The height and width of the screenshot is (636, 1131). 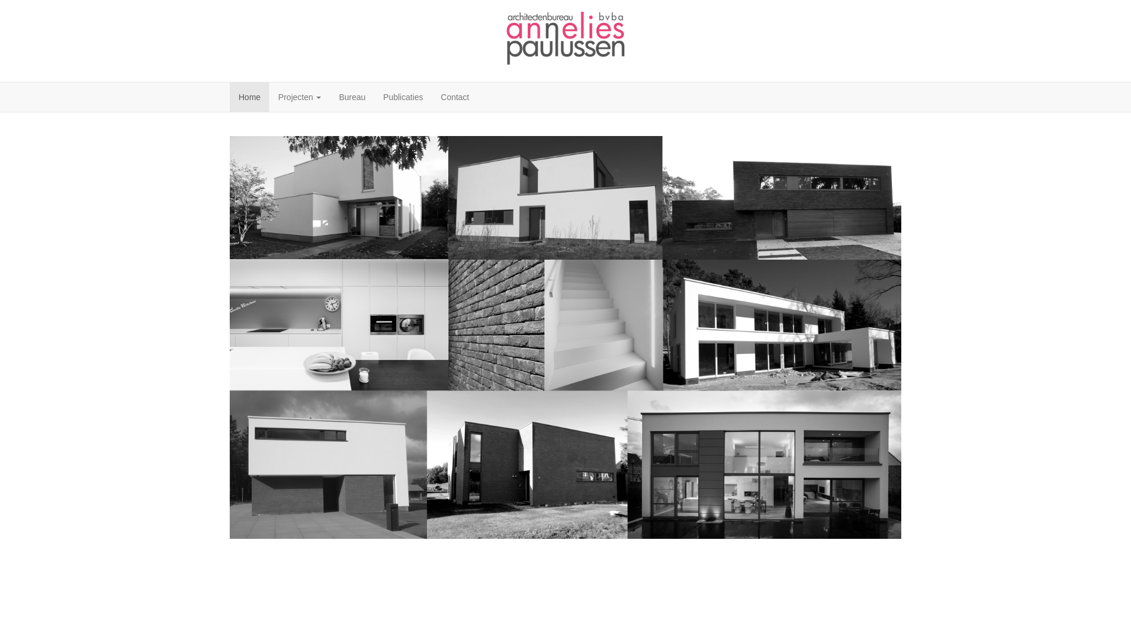 I want to click on 'Bureau', so click(x=330, y=97).